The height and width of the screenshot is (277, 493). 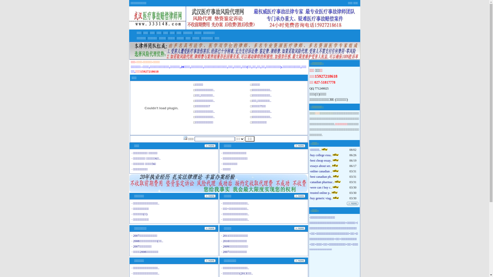 What do you see at coordinates (310, 187) in the screenshot?
I see `'were can i buy c..'` at bounding box center [310, 187].